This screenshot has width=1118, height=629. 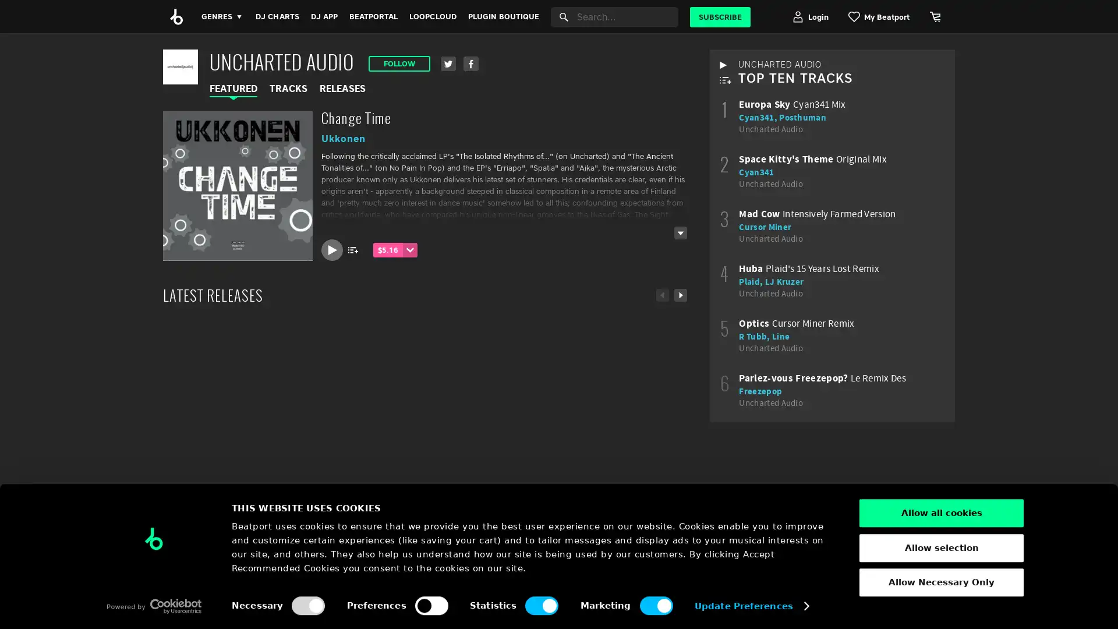 I want to click on Allow selection, so click(x=942, y=547).